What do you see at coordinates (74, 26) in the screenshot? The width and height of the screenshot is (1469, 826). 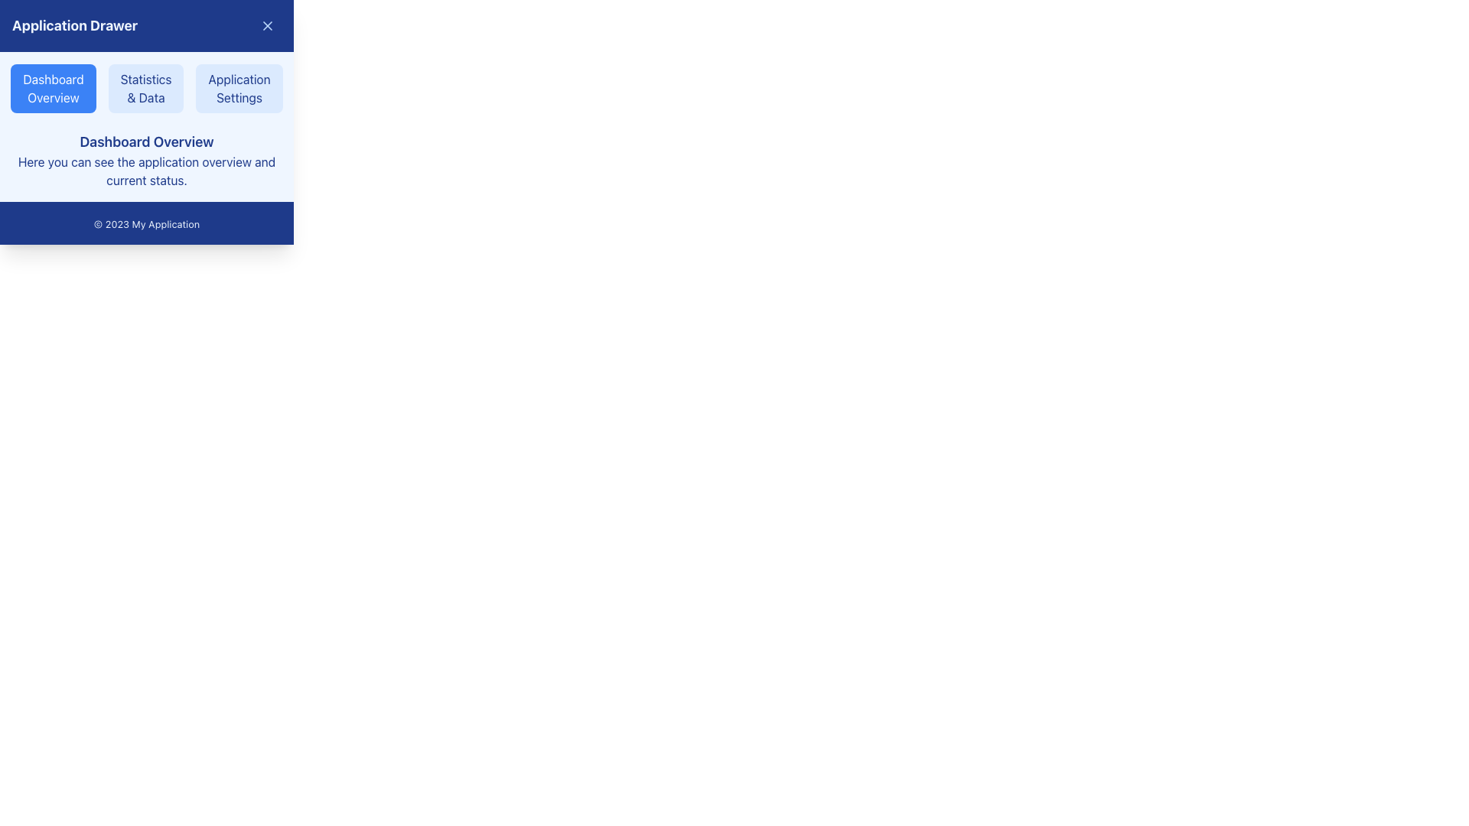 I see `the static text label that serves as the title of the section within a blue horizontal header bar, located near the top left corner` at bounding box center [74, 26].